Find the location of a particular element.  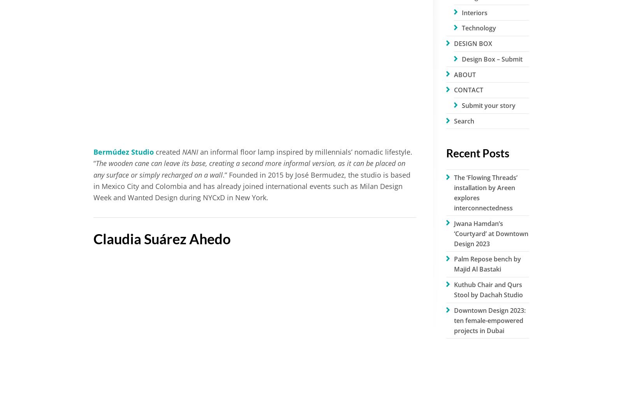

'.” Founded in 2015 by José Bermudez, the studio is based in Mexico City and Colombia and has already joined international events such as Milan Design Week and Wanted Design during NYCxD in New York.' is located at coordinates (252, 185).